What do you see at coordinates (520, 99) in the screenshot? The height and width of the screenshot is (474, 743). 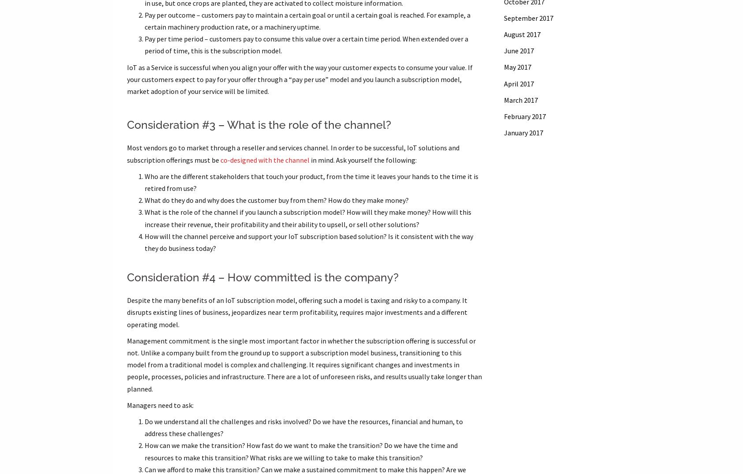 I see `'March 2017'` at bounding box center [520, 99].